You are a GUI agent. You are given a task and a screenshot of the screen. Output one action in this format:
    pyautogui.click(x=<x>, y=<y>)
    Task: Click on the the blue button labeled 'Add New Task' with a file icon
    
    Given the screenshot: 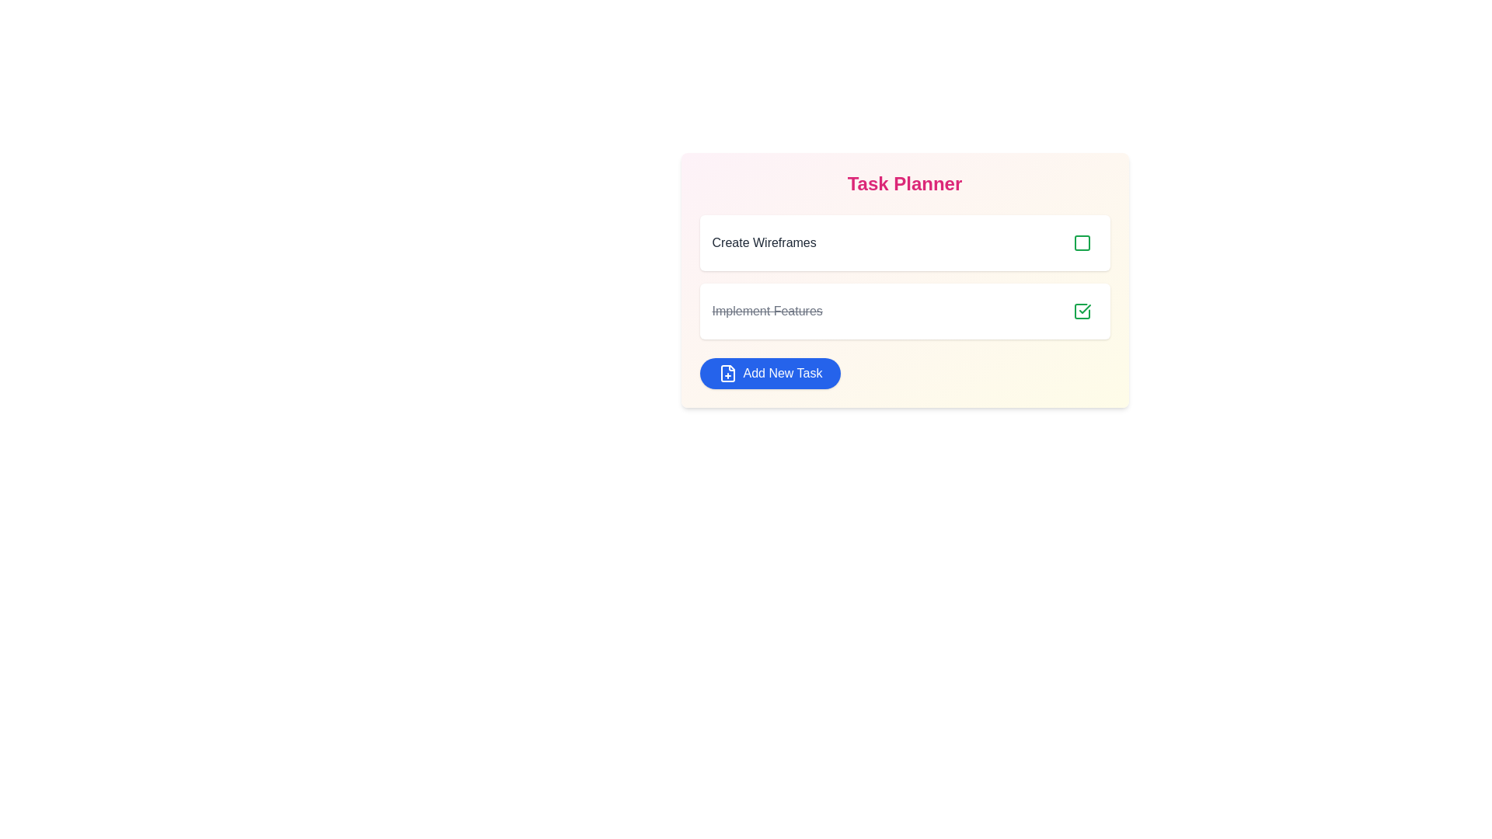 What is the action you would take?
    pyautogui.click(x=770, y=374)
    